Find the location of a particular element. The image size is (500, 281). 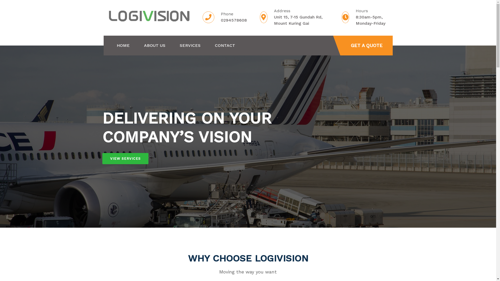

'HOME' is located at coordinates (116, 45).